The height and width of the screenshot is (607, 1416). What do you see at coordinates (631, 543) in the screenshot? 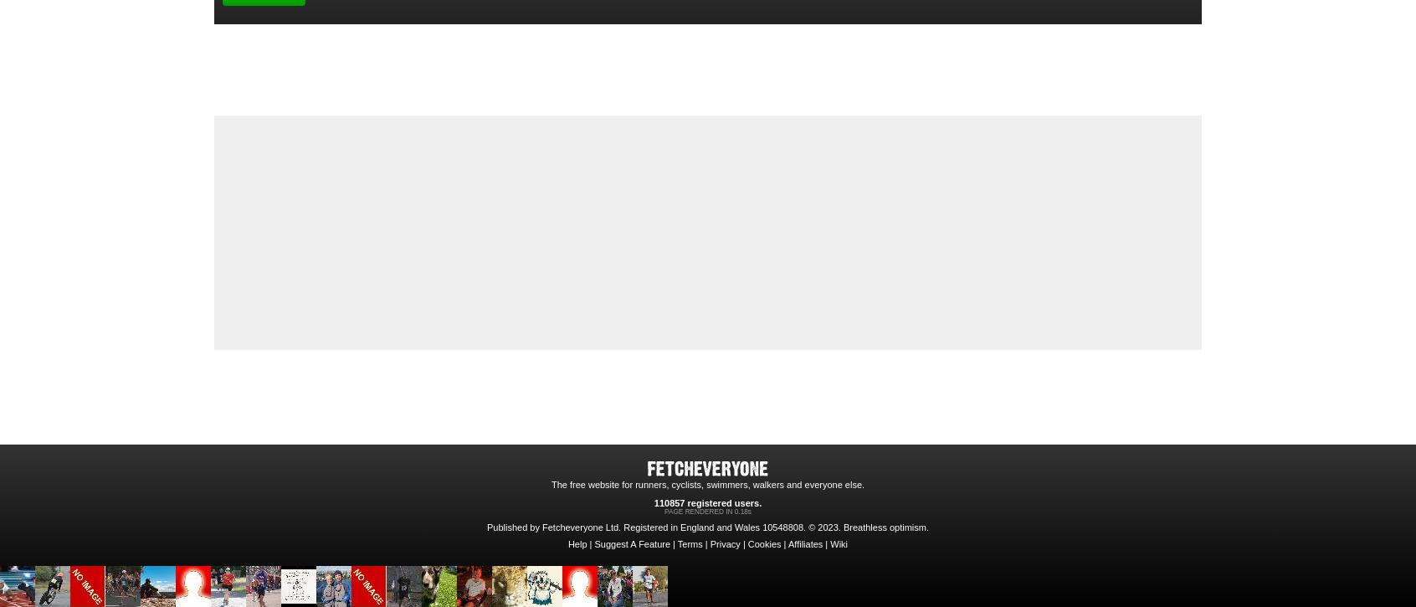
I see `'Suggest A Feature'` at bounding box center [631, 543].